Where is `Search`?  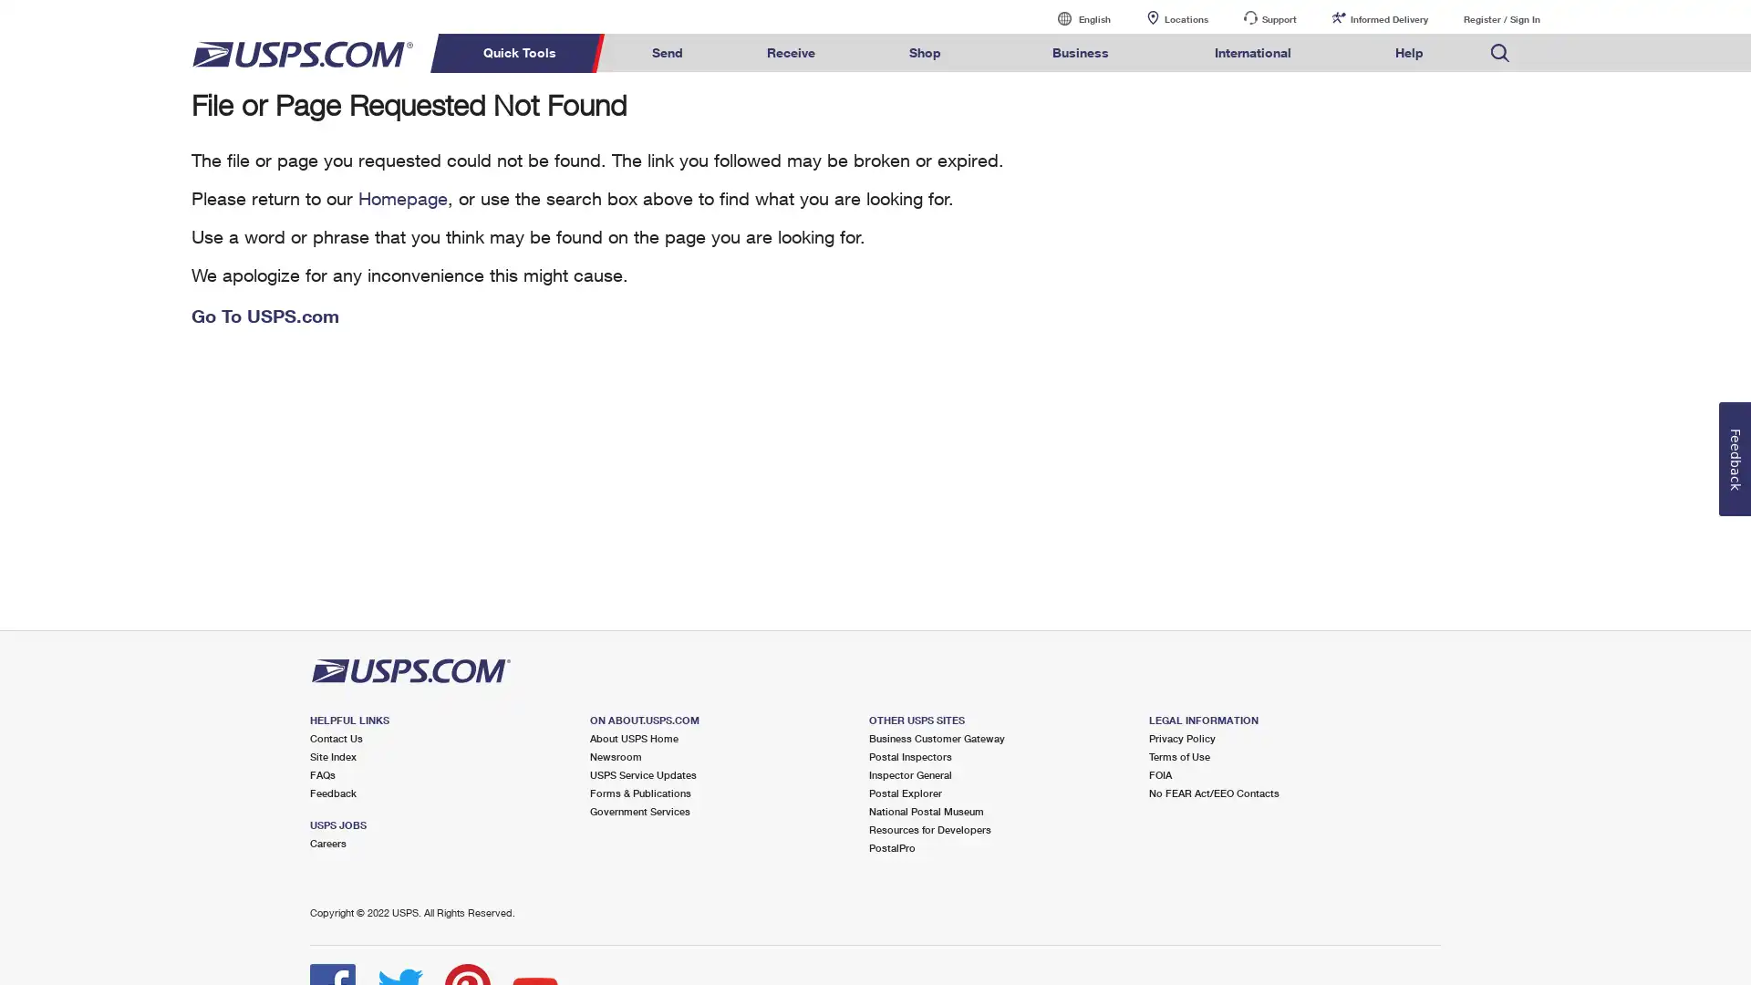 Search is located at coordinates (1532, 87).